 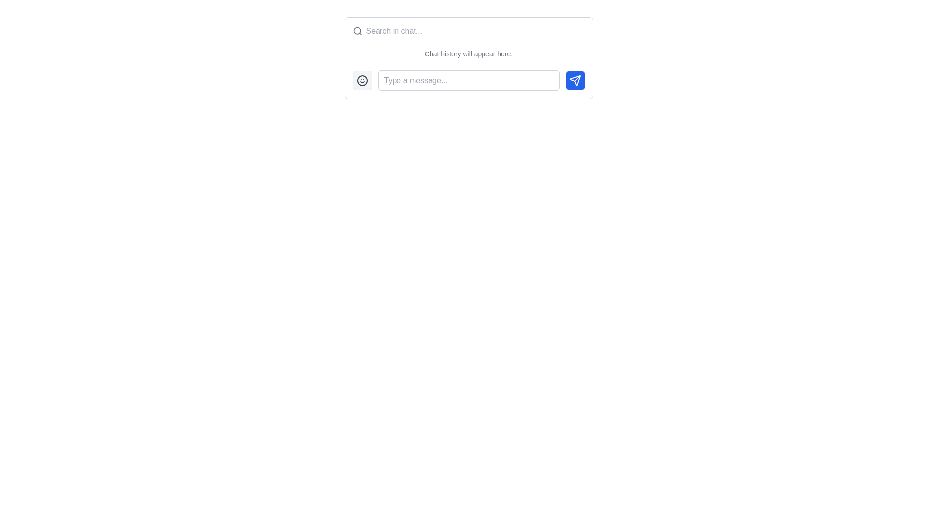 What do you see at coordinates (356, 30) in the screenshot?
I see `the central circle of the magnifying glass icon, which is styled in gray and located to the left of the 'Search in chat...' placeholder text` at bounding box center [356, 30].